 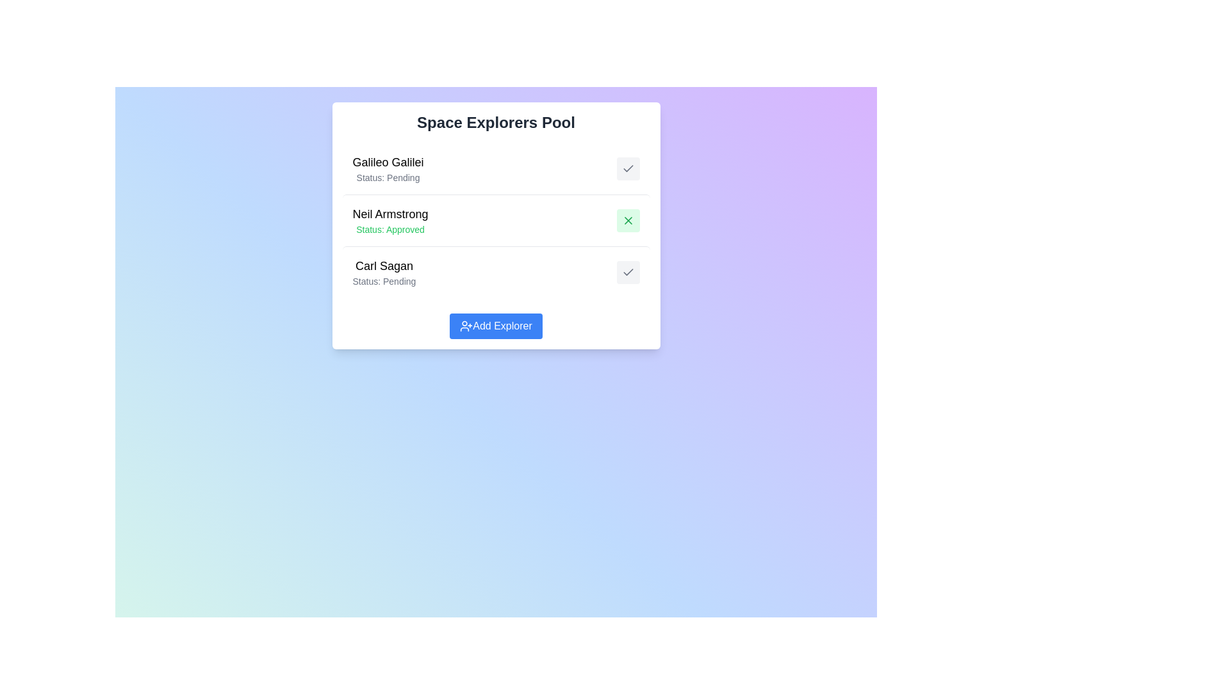 I want to click on the interactive checkbox next to 'Galileo Galilei', so click(x=495, y=168).